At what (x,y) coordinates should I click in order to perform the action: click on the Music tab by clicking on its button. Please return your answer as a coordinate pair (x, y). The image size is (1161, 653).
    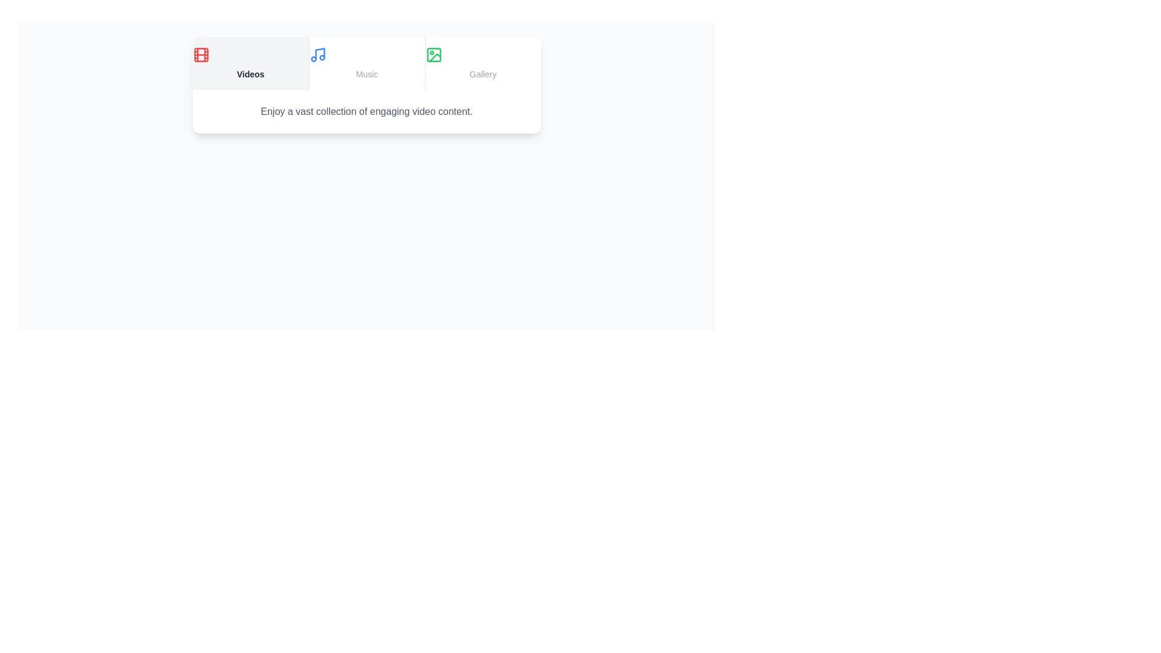
    Looking at the image, I should click on (366, 63).